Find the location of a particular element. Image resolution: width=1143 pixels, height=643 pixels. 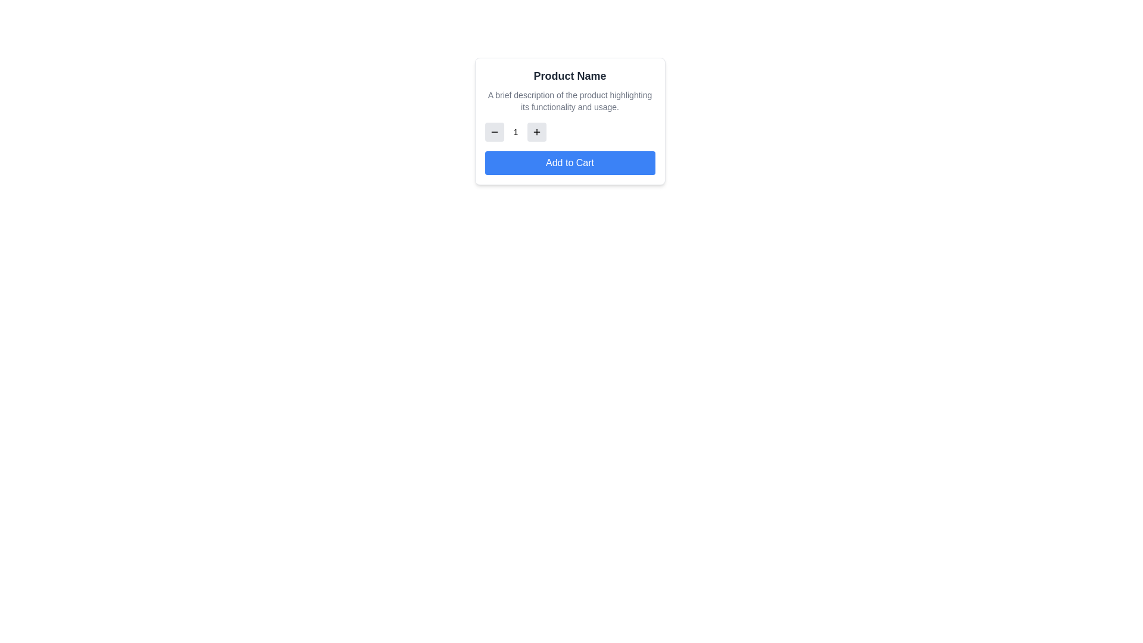

the text content that provides a brief description of the product, located below the title 'Product Name' and above the quantity selector and 'Add to Cart' button is located at coordinates (569, 100).